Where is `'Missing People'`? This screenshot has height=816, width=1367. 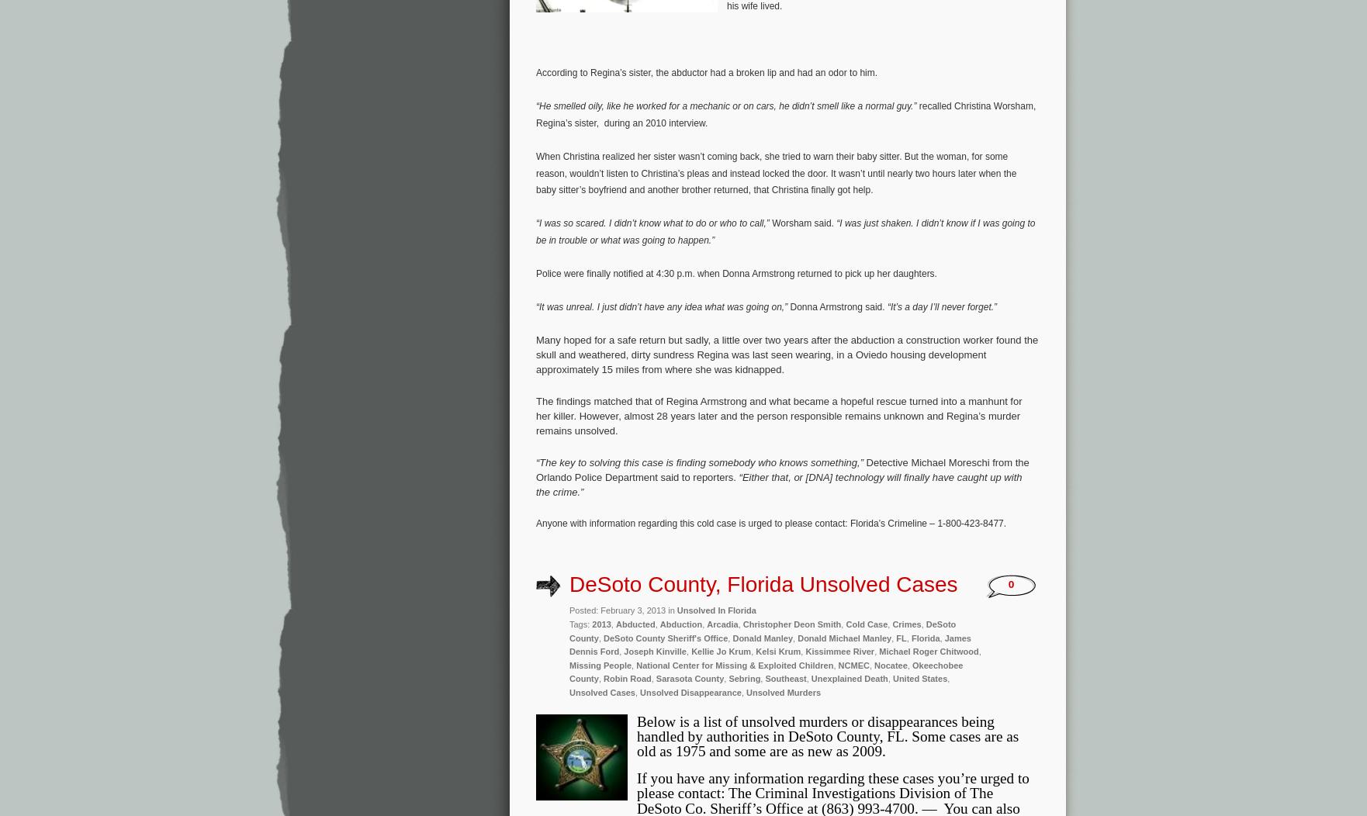 'Missing People' is located at coordinates (569, 663).